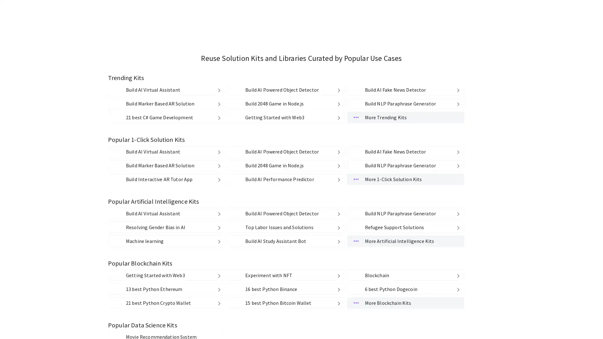 This screenshot has width=603, height=339. I want to click on marker-based-ar-kit-using-mindar Build Marker Based AR Solution, so click(166, 323).